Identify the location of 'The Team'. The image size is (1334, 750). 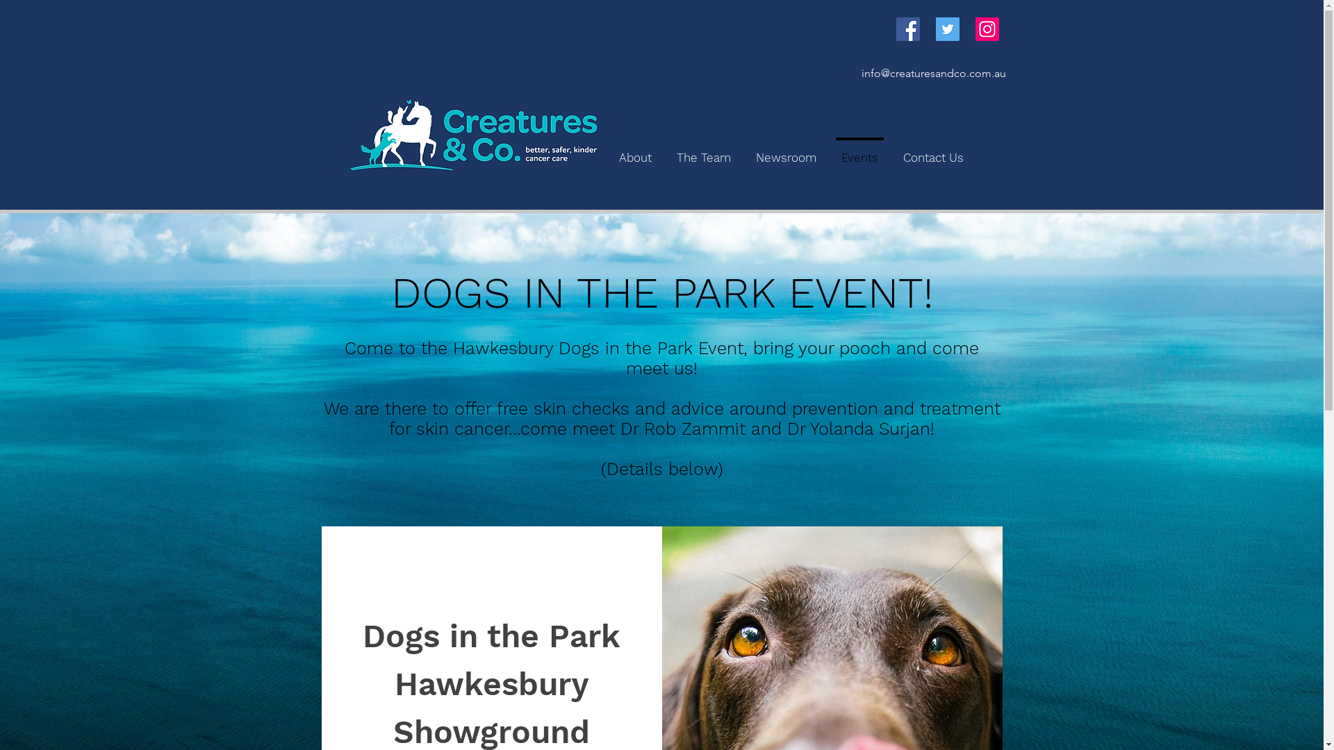
(703, 151).